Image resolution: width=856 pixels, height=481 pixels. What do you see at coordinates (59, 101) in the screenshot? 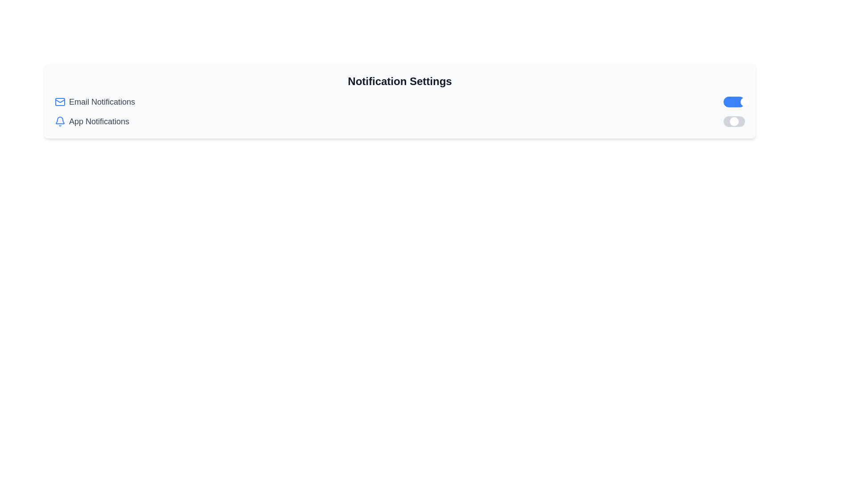
I see `the email notification icon, which is a rectangular shape with smooth, rounded corners and a blue outline, located next to the label 'Email Notifications' in the 'Notification Settings' section` at bounding box center [59, 101].